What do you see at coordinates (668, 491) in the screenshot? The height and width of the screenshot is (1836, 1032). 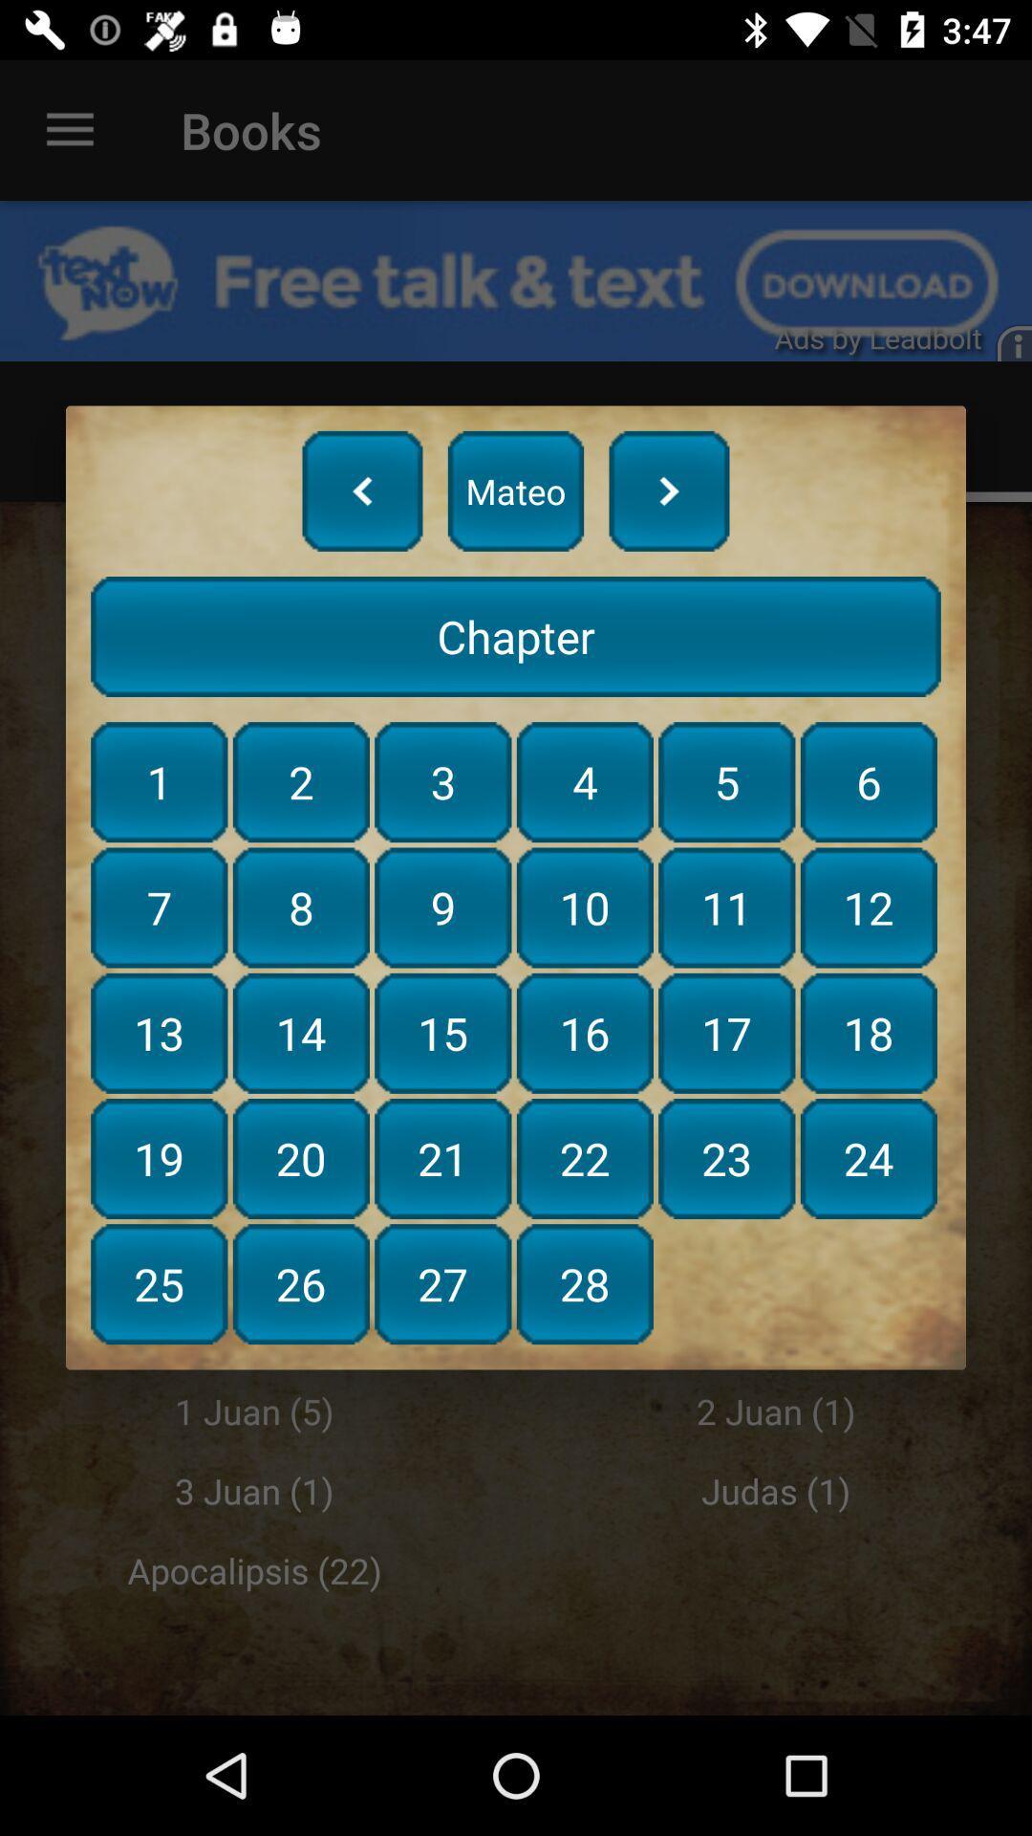 I see `next` at bounding box center [668, 491].